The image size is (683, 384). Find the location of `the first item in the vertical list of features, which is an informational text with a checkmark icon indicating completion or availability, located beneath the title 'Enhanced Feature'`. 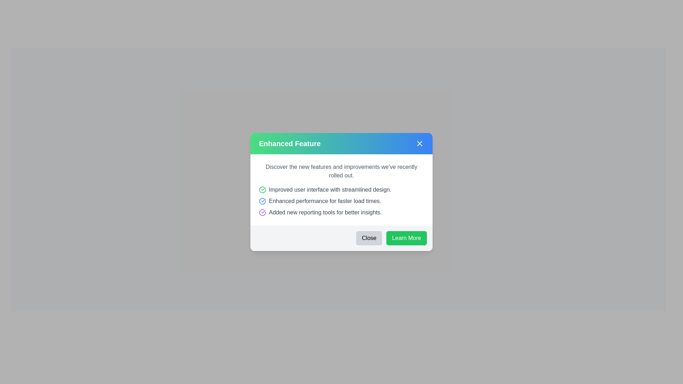

the first item in the vertical list of features, which is an informational text with a checkmark icon indicating completion or availability, located beneath the title 'Enhanced Feature' is located at coordinates (341, 189).